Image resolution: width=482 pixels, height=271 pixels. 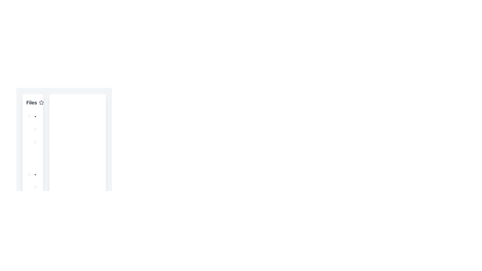 I want to click on the 'My Documents' folder icon in the tree view, so click(x=32, y=119).